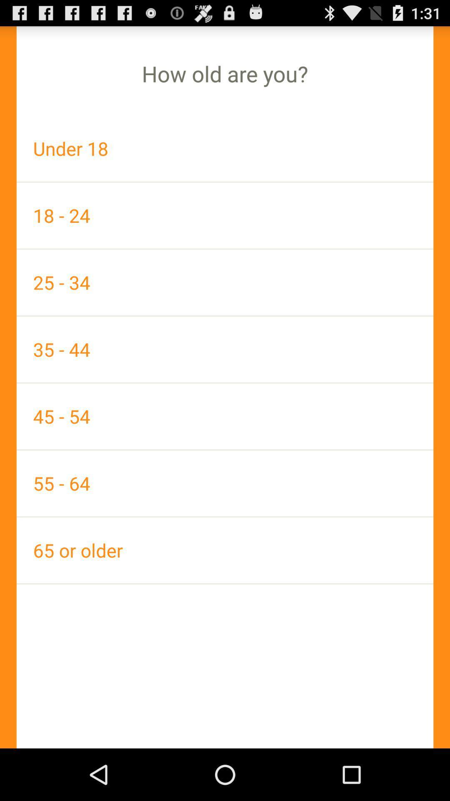  Describe the element at coordinates (225, 416) in the screenshot. I see `the item above 55 - 64 icon` at that location.